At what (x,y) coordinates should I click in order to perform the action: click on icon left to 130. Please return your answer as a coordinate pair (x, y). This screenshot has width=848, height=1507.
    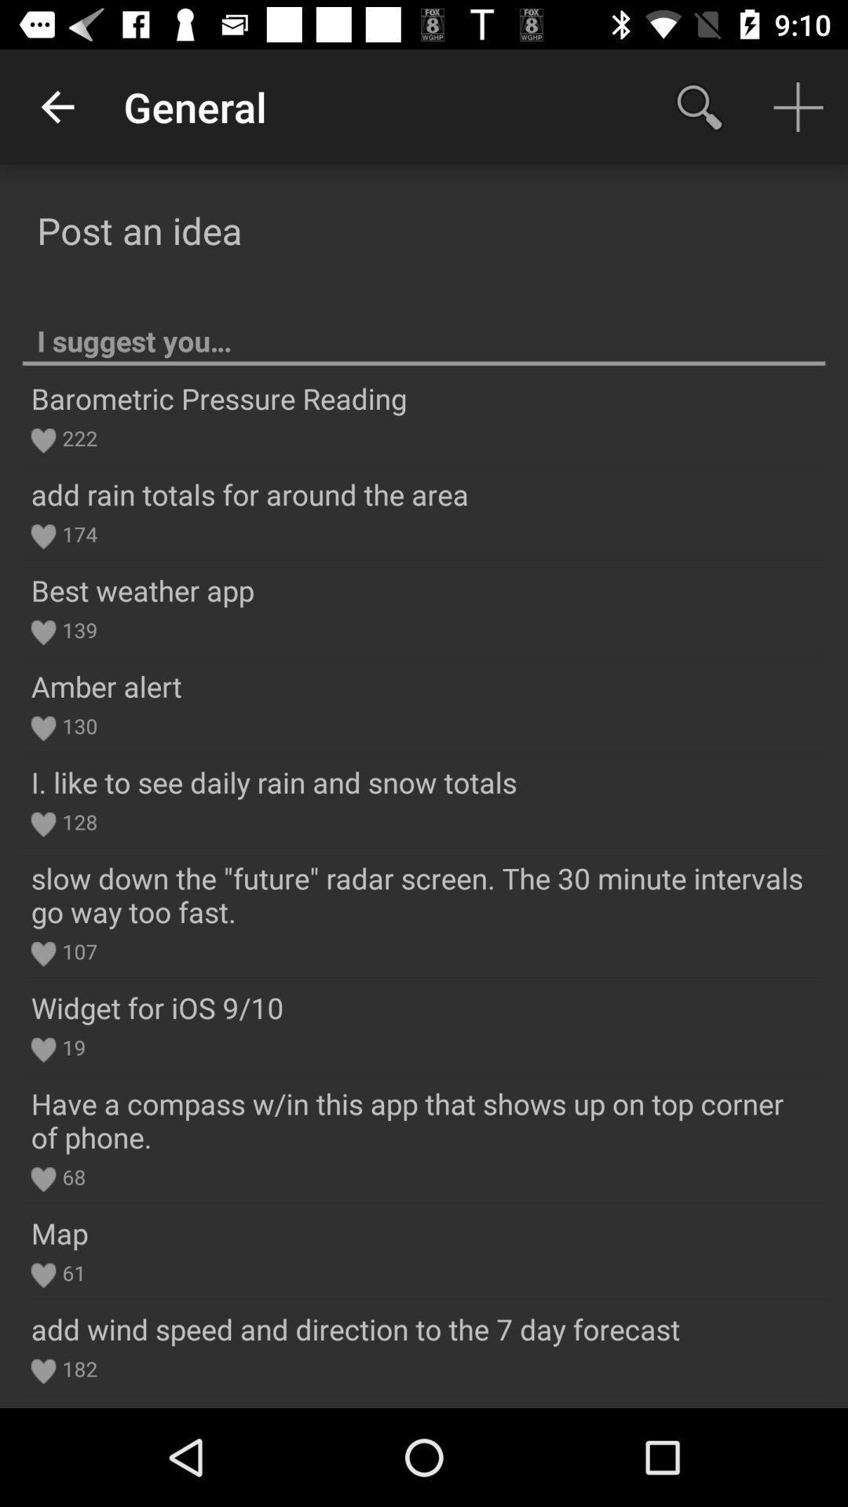
    Looking at the image, I should click on (42, 728).